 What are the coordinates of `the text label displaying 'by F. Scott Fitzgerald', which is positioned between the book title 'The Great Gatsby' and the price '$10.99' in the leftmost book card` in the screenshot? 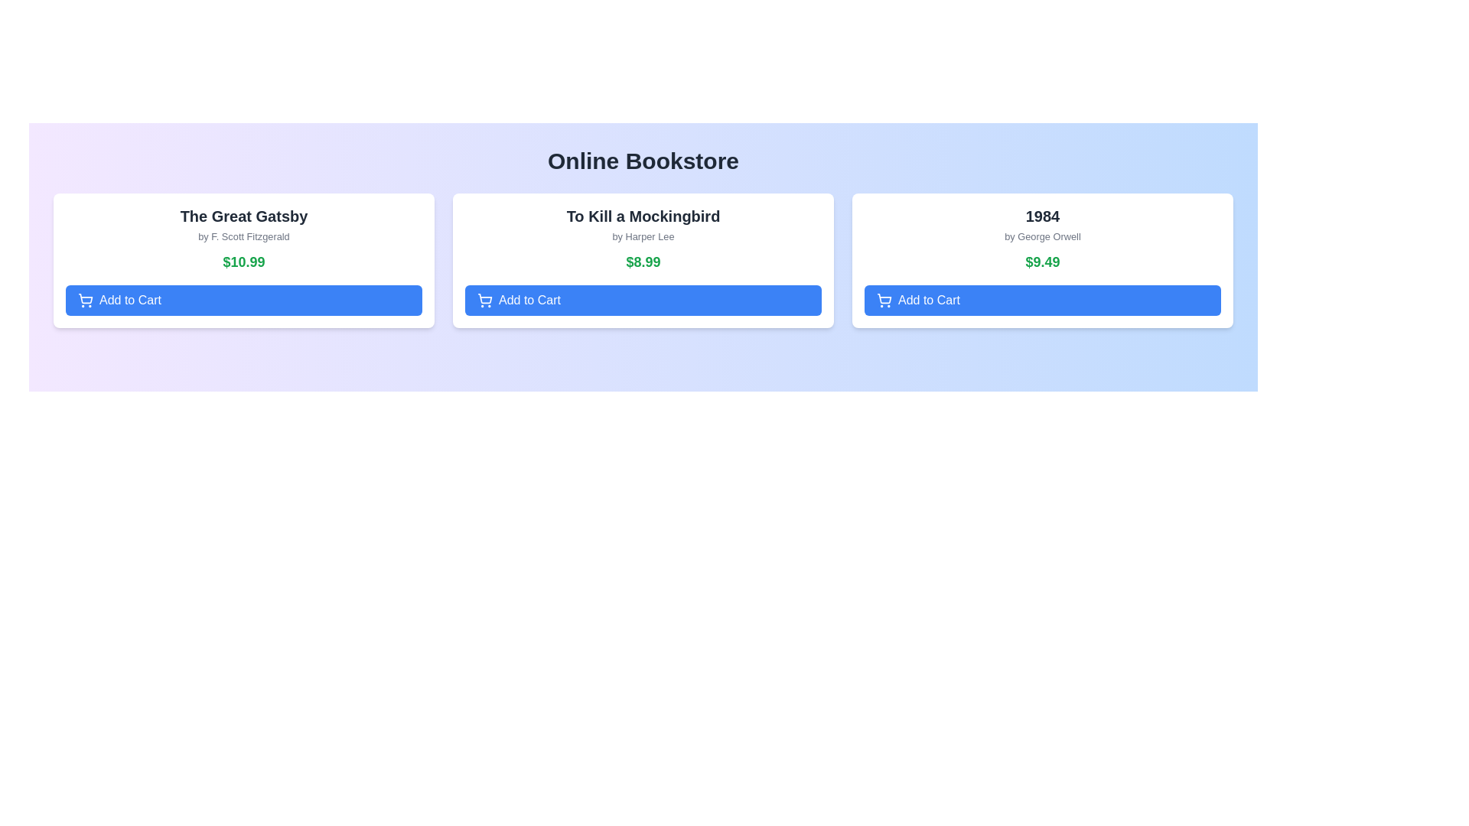 It's located at (243, 236).